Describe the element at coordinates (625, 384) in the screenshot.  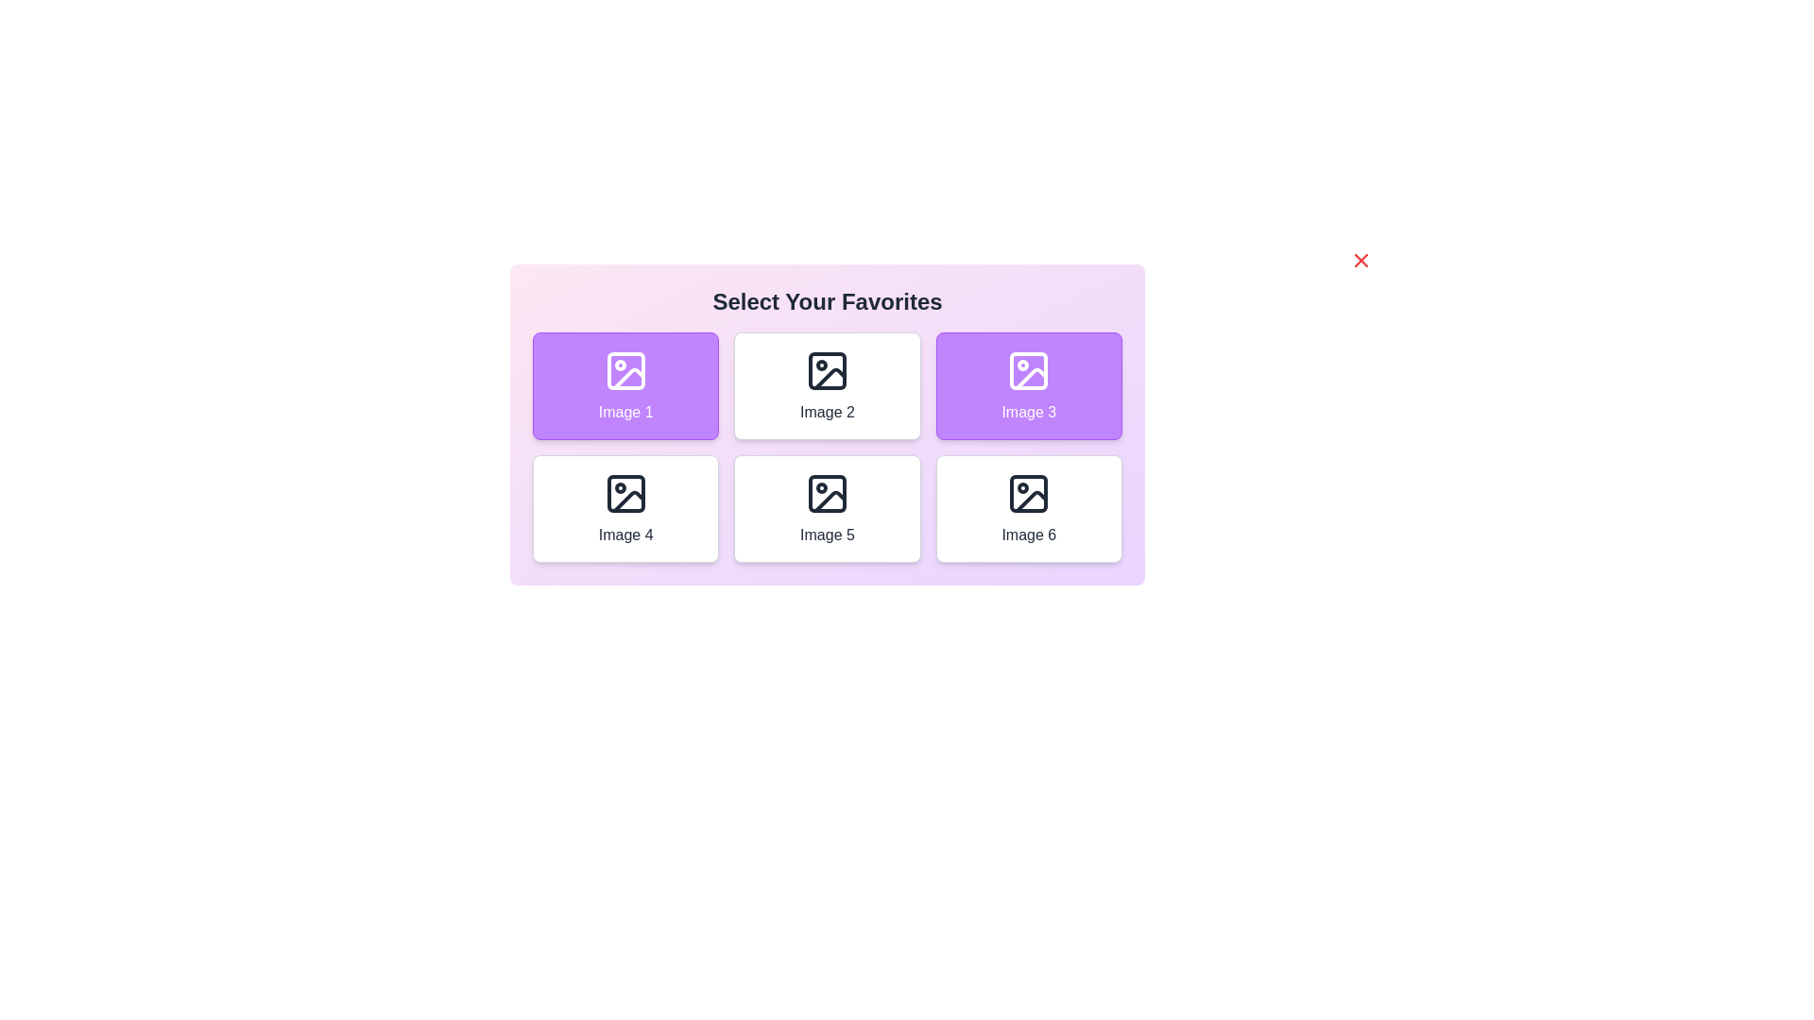
I see `the image labeled Image 1 to toggle its selection state` at that location.